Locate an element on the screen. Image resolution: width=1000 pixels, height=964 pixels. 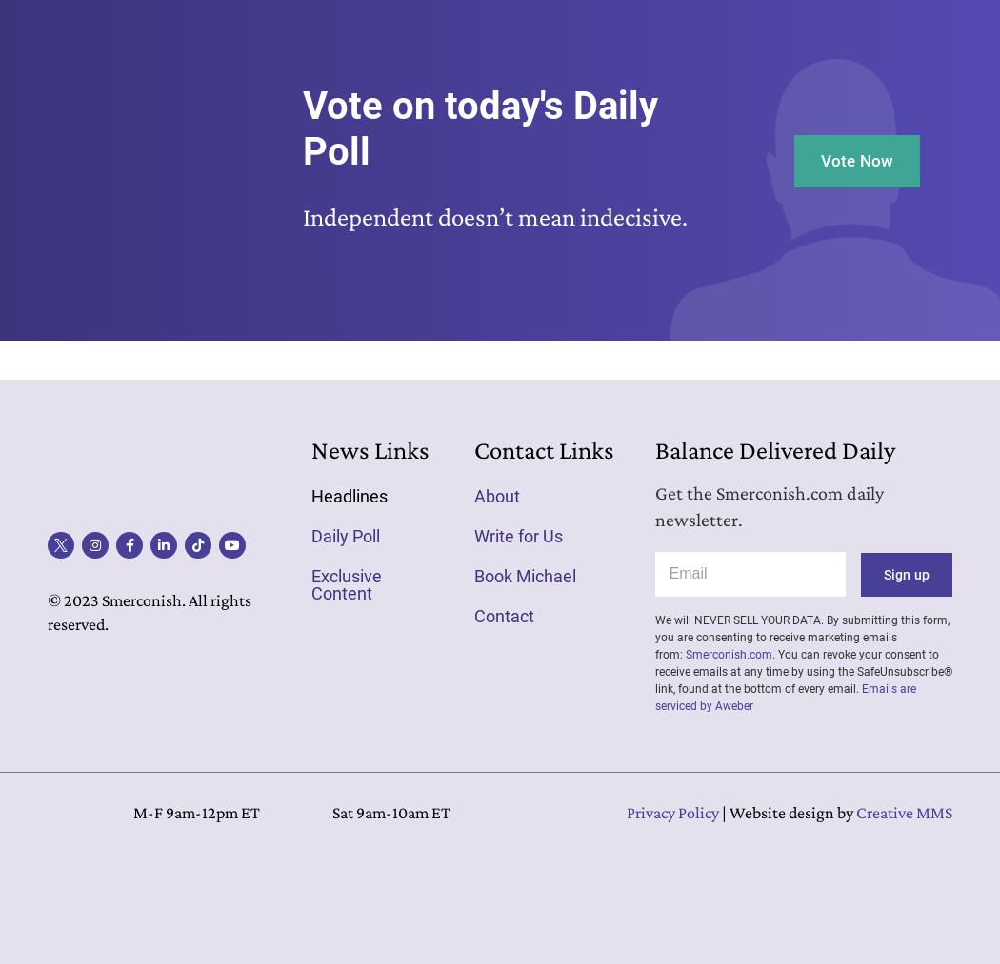
'Vote Now' is located at coordinates (820, 159).